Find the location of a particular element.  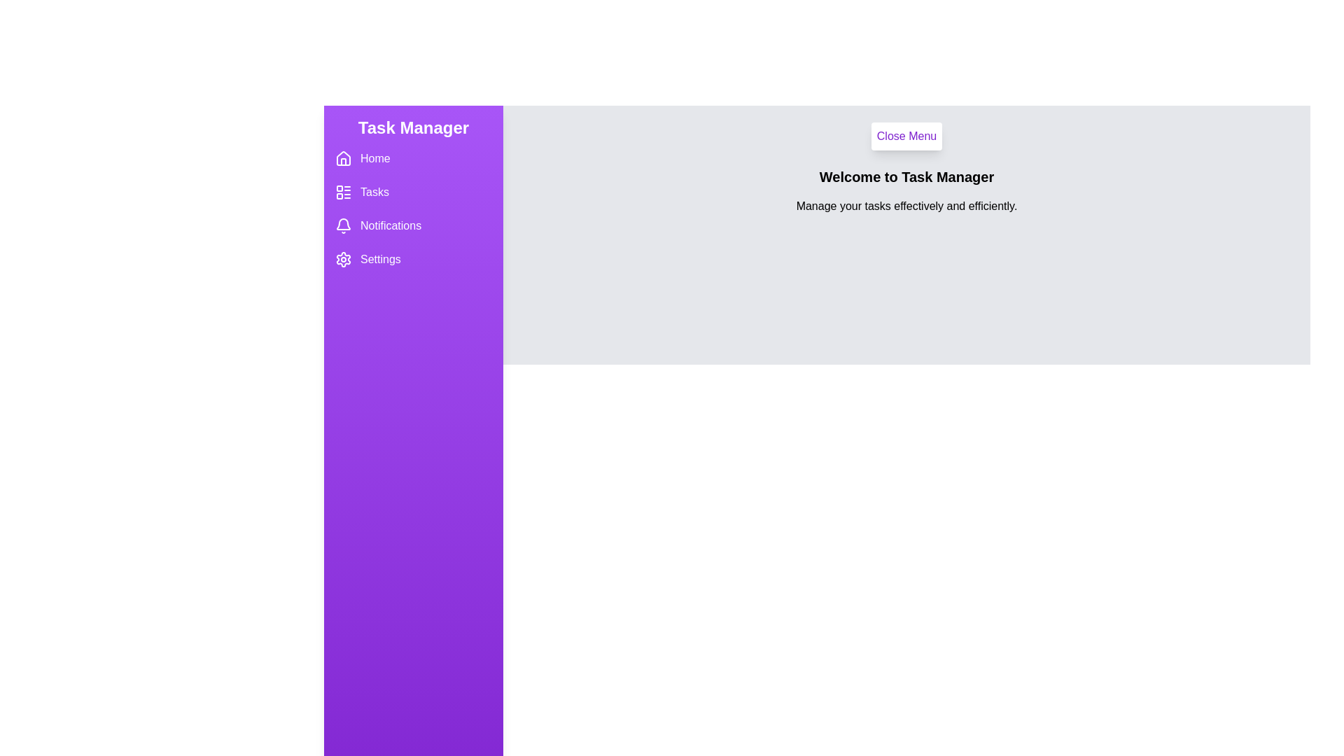

the navigation option Notifications to navigate to the respective section is located at coordinates (412, 225).